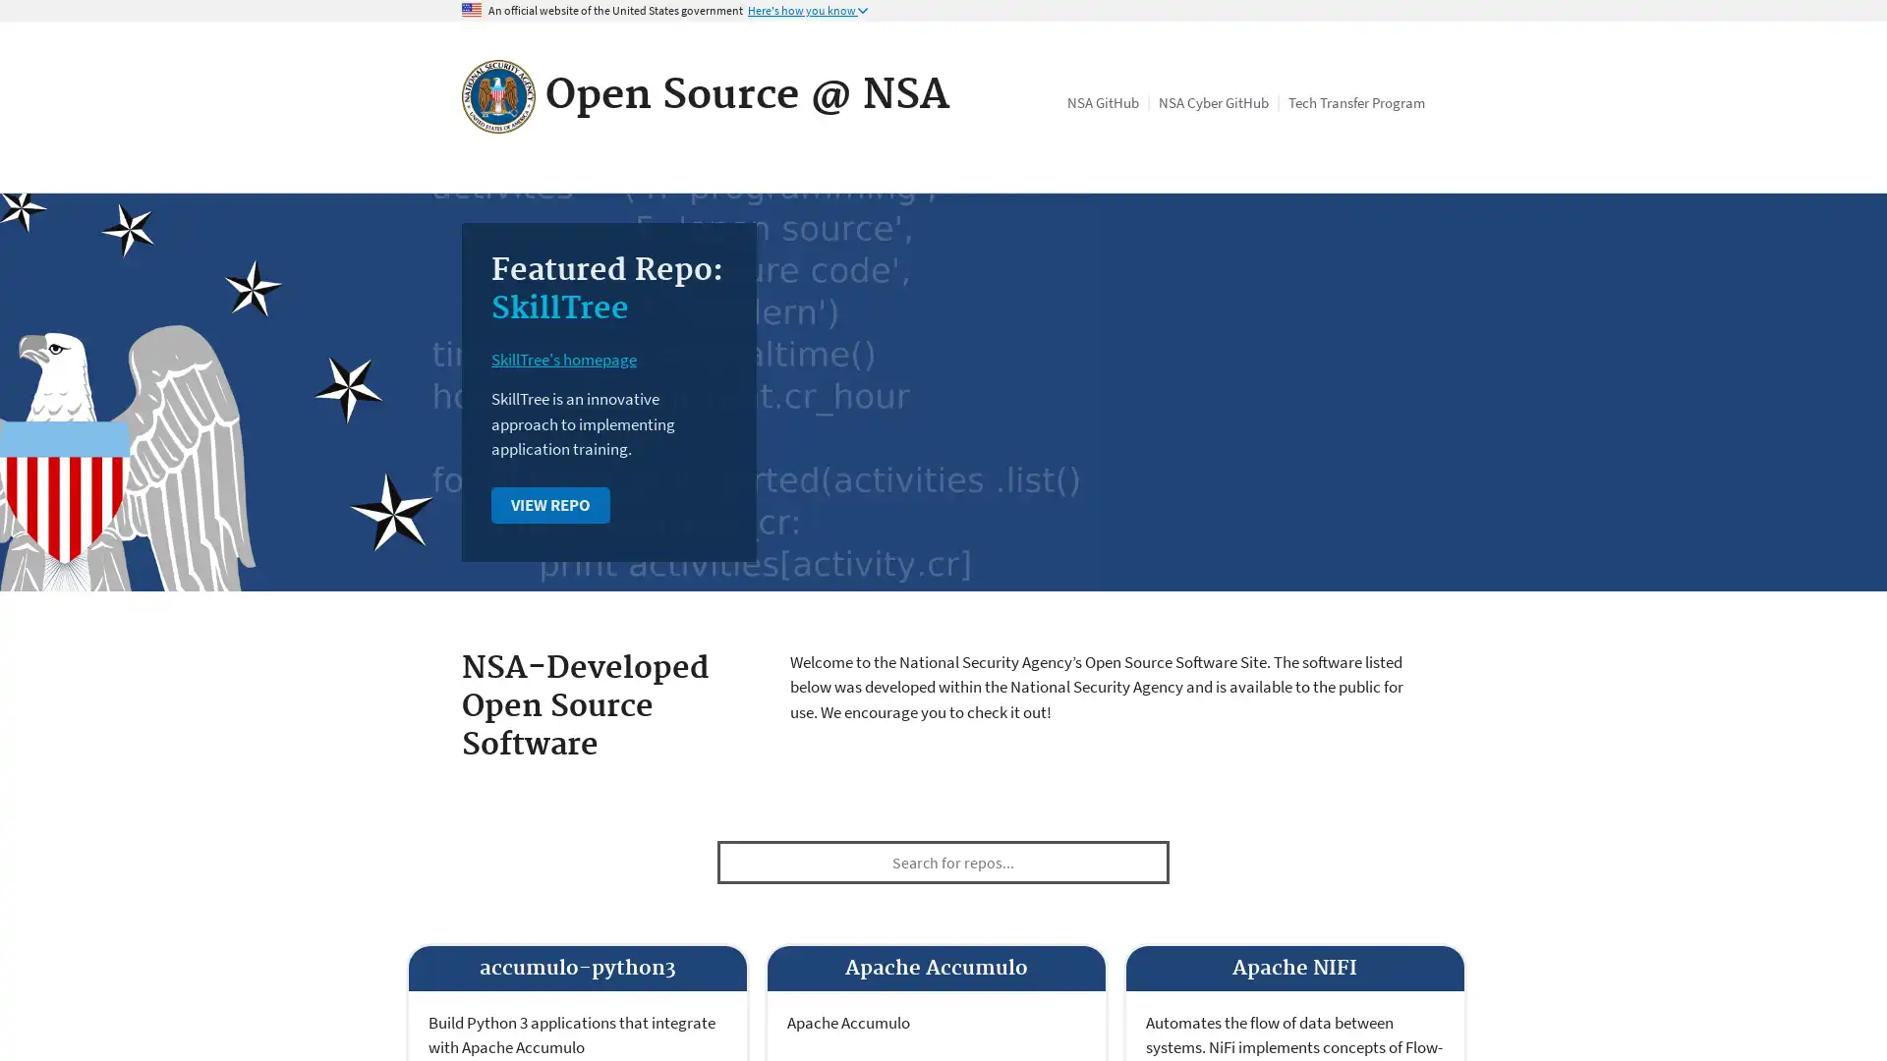  What do you see at coordinates (807, 11) in the screenshot?
I see `Here's how you know` at bounding box center [807, 11].